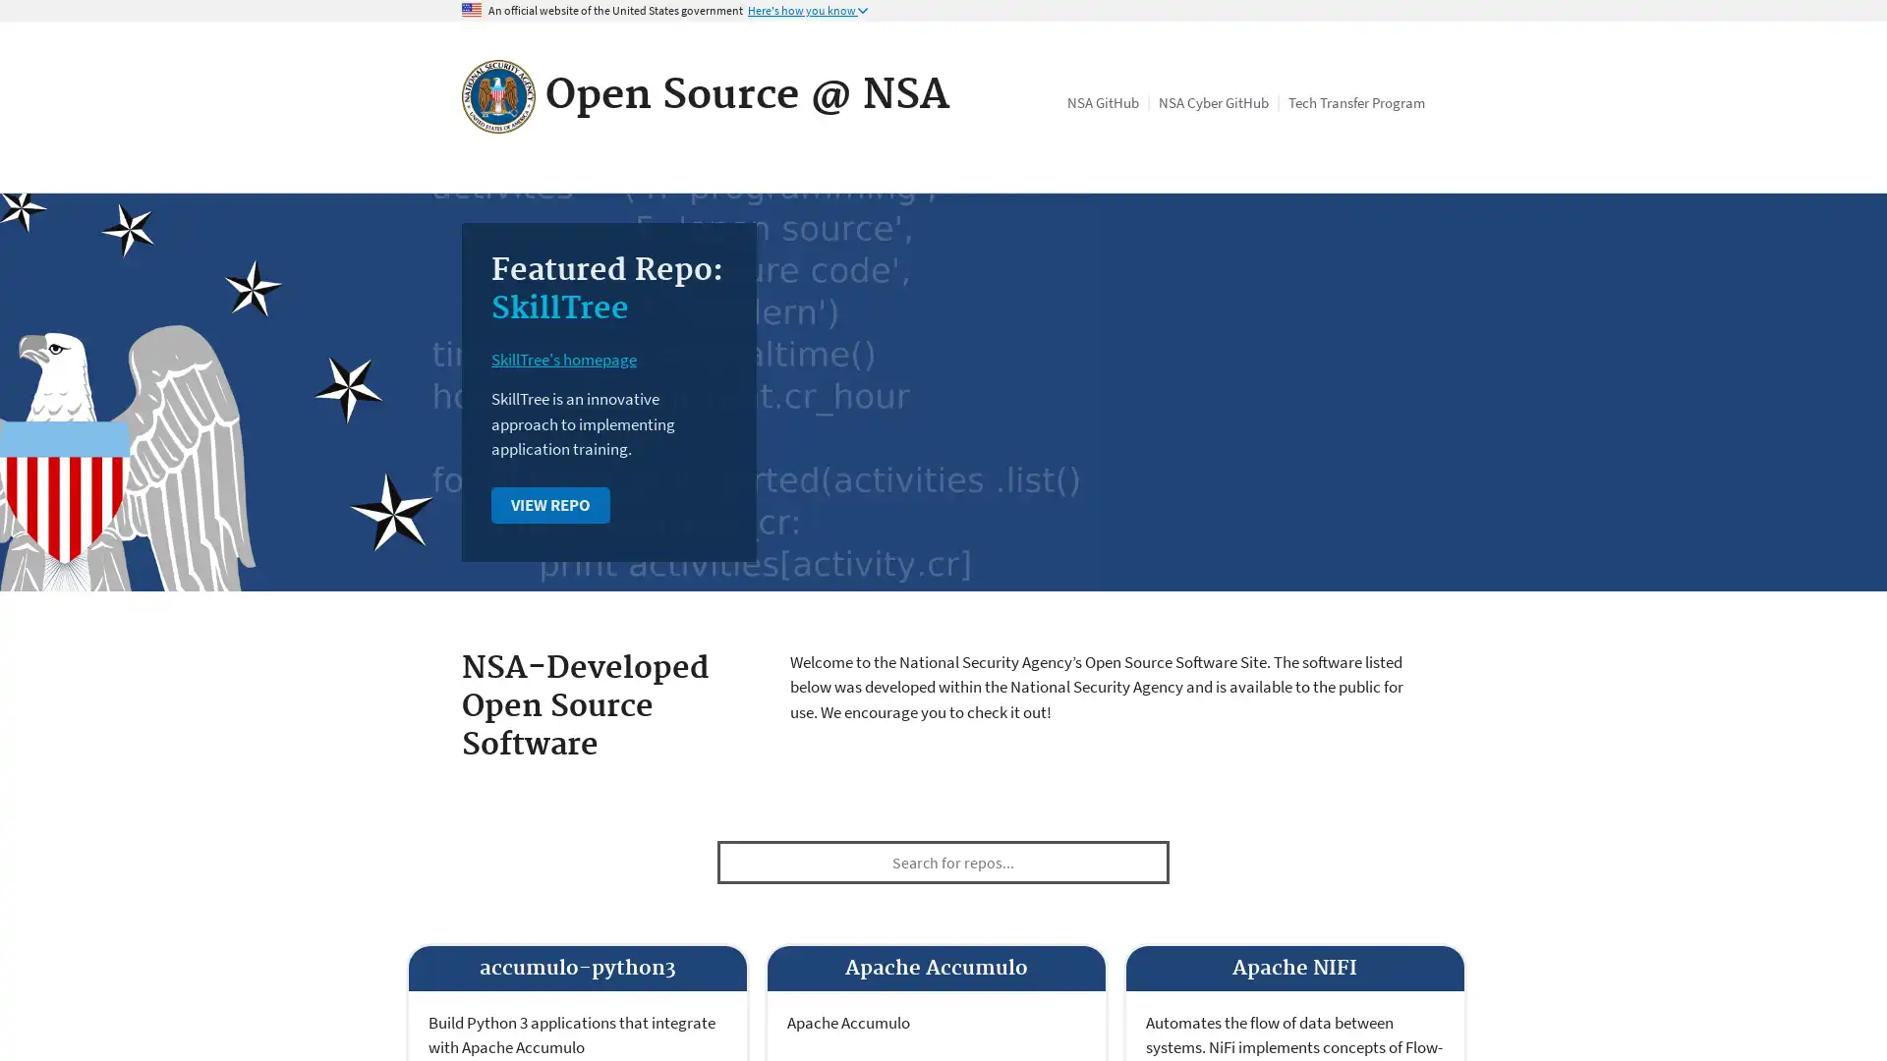  What do you see at coordinates (807, 11) in the screenshot?
I see `Here's how you know` at bounding box center [807, 11].